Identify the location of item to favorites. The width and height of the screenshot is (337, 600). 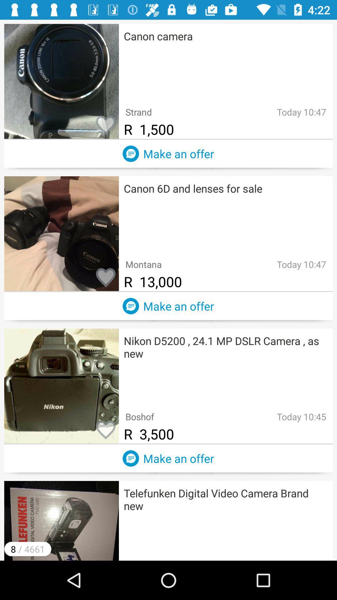
(105, 125).